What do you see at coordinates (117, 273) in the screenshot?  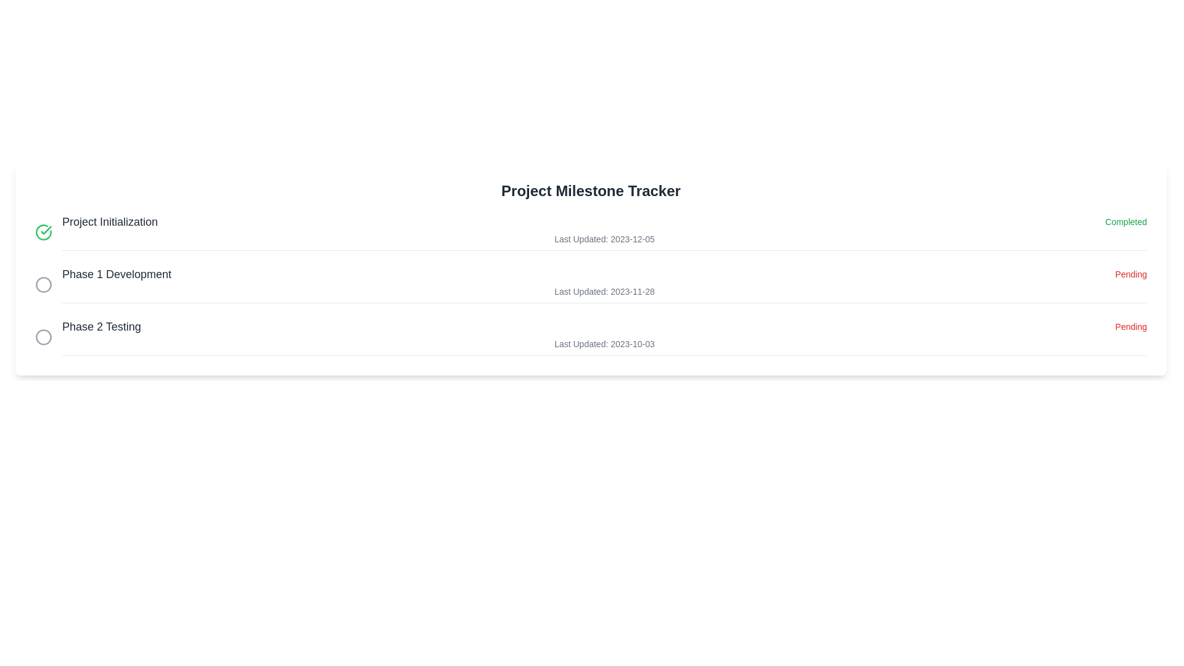 I see `the Text Label that represents the name of the second milestone in the project tracking system, located directly after 'Project Initialization' and above 'Phase 2 Testing'` at bounding box center [117, 273].